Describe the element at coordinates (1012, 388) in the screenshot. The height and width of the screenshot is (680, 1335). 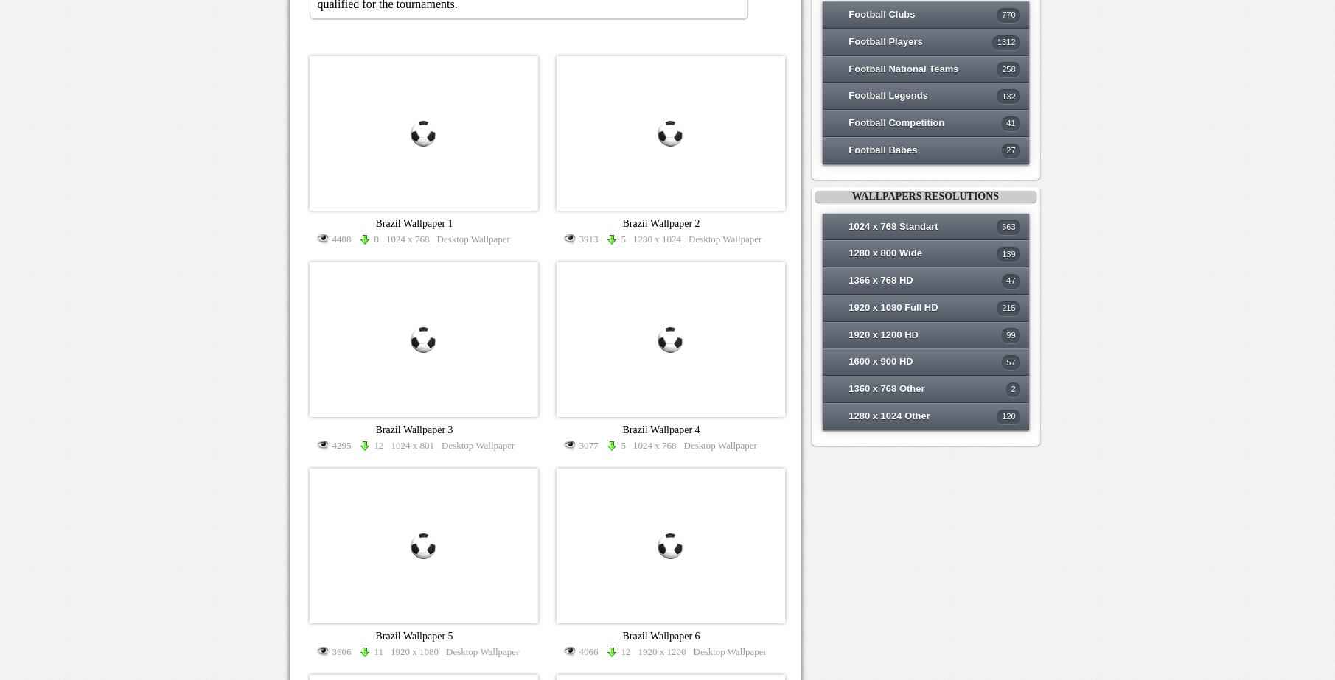
I see `'2'` at that location.